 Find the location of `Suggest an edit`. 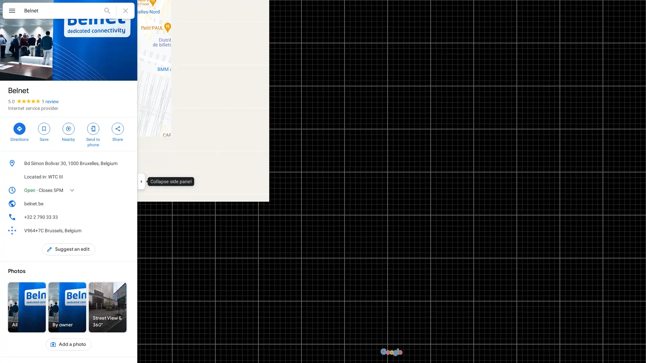

Suggest an edit is located at coordinates (69, 249).